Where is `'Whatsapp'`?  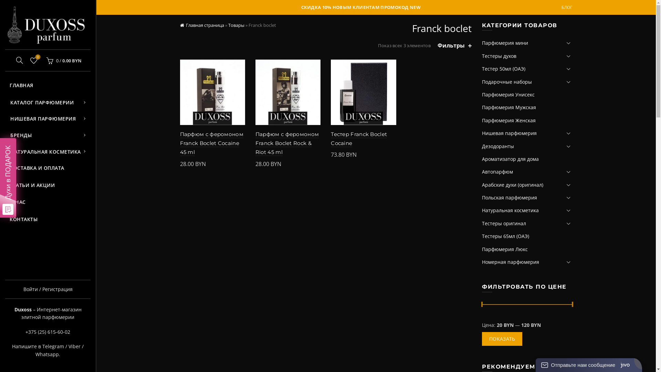 'Whatsapp' is located at coordinates (47, 354).